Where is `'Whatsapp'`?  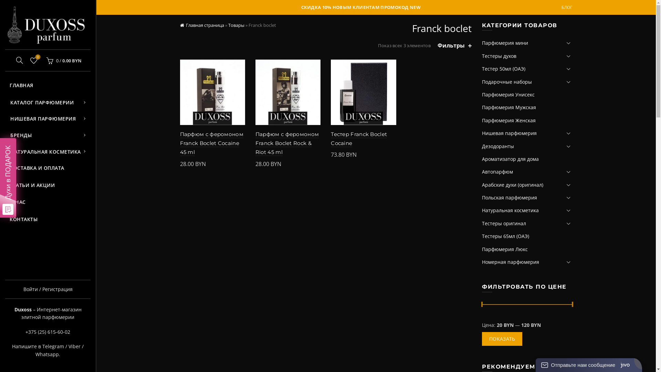 'Whatsapp' is located at coordinates (47, 354).